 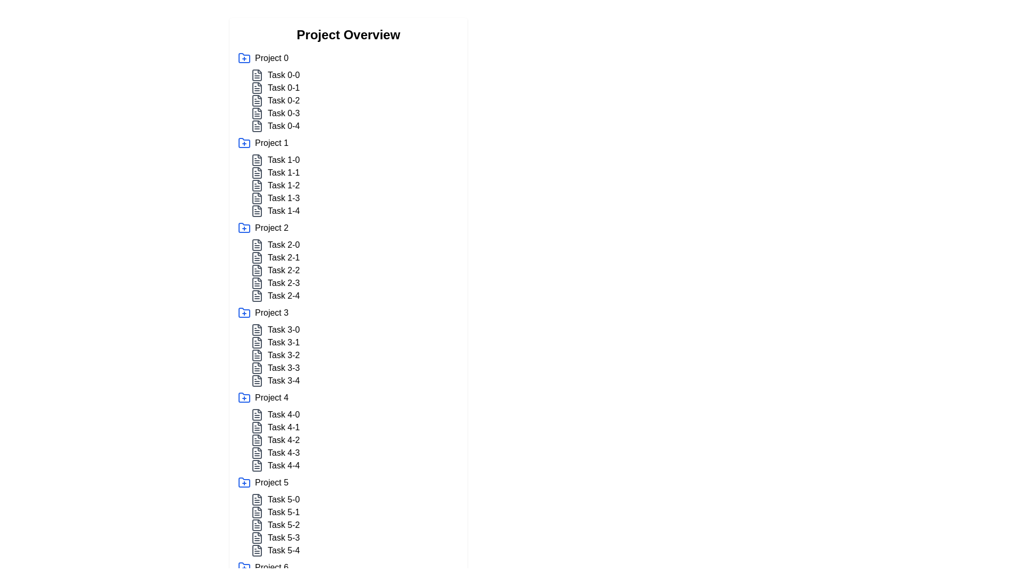 What do you see at coordinates (257, 538) in the screenshot?
I see `the leftmost icon associated with 'Task 5-3' in the list under 'Project 5' to indicate selection` at bounding box center [257, 538].